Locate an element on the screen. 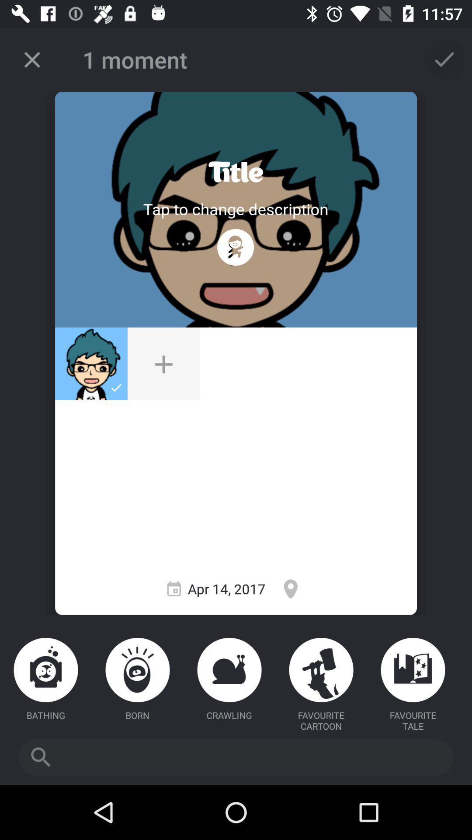 The width and height of the screenshot is (472, 840). a title to the post is located at coordinates (235, 172).